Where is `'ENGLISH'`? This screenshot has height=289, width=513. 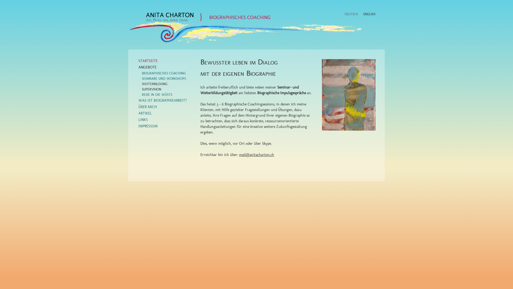 'ENGLISH' is located at coordinates (369, 14).